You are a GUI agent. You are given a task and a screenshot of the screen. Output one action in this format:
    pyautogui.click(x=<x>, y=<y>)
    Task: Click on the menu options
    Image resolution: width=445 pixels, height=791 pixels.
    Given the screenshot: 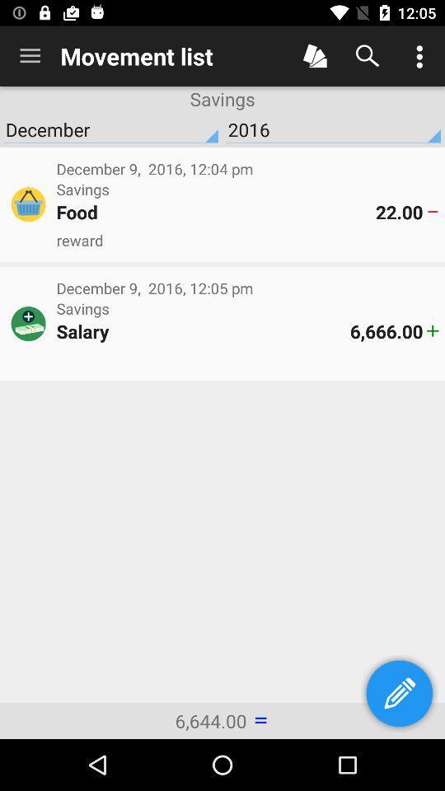 What is the action you would take?
    pyautogui.click(x=419, y=56)
    